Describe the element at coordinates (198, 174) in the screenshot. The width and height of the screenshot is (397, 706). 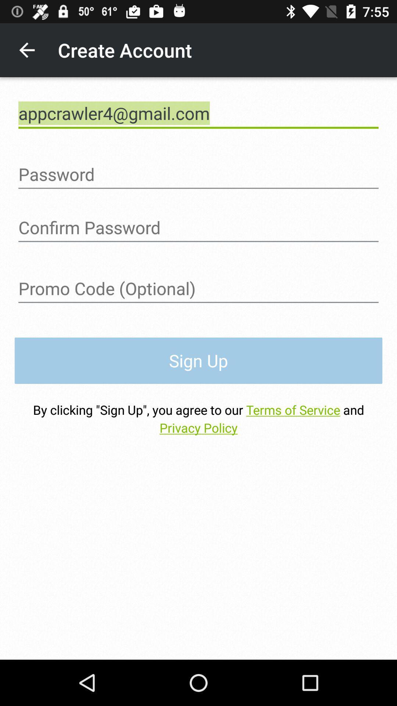
I see `password` at that location.